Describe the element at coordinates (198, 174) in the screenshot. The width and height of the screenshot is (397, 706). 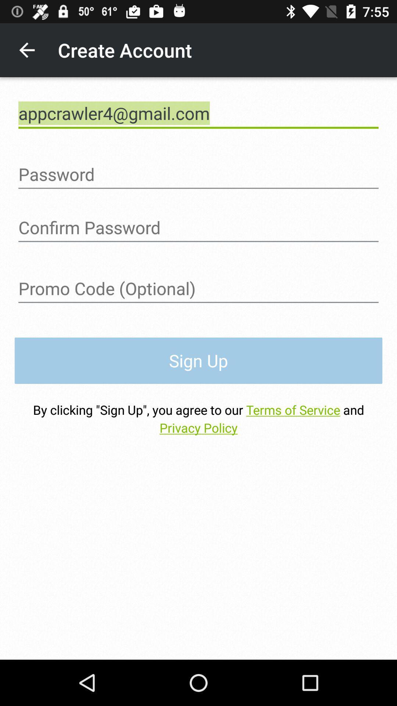
I see `password` at that location.